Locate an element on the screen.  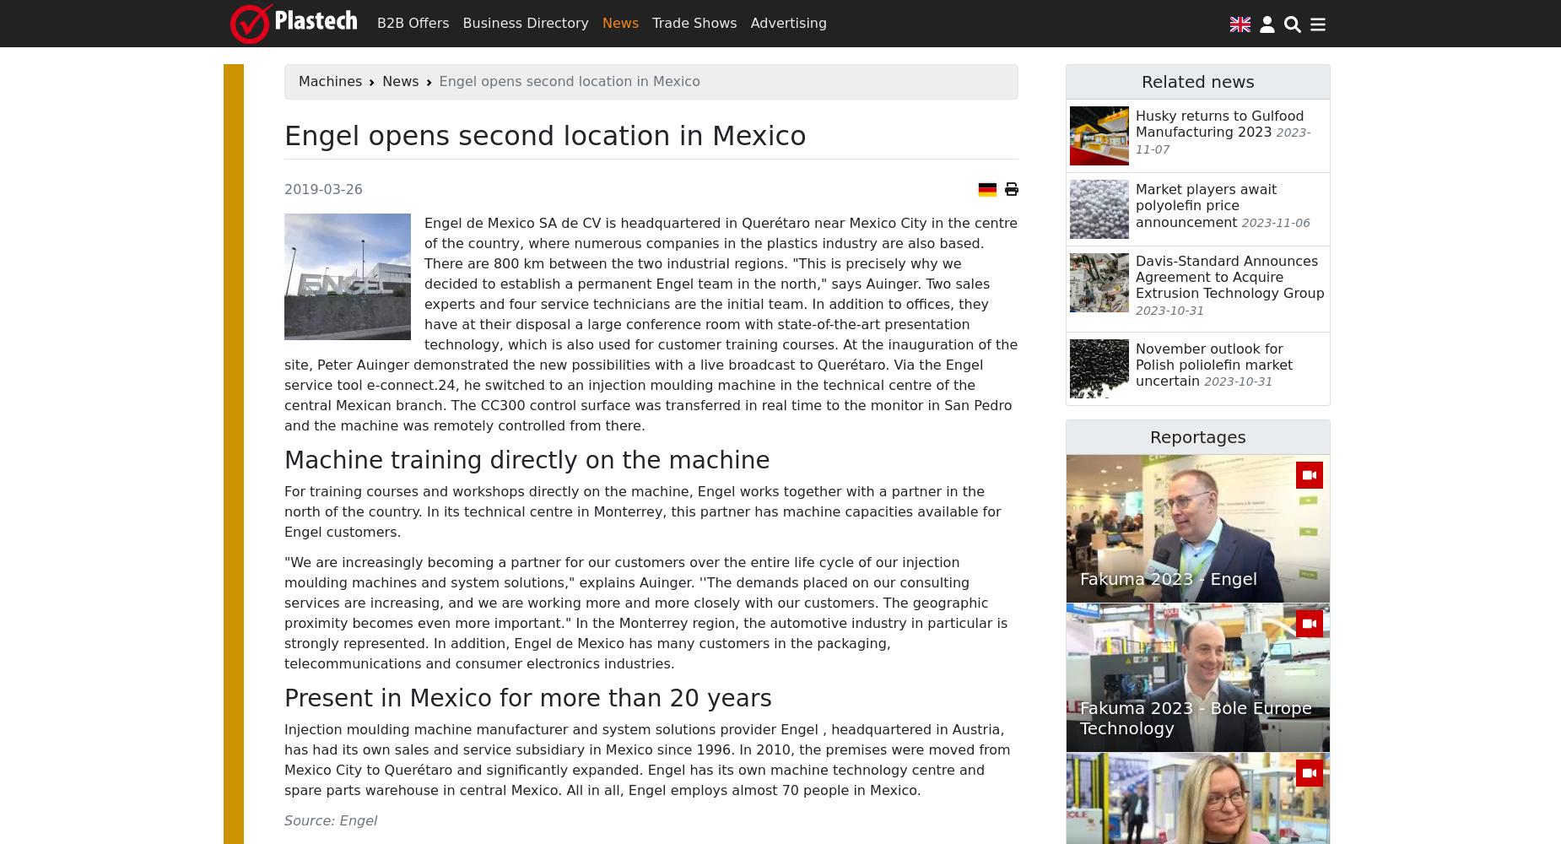
'Machine training directly on the machine' is located at coordinates (284, 460).